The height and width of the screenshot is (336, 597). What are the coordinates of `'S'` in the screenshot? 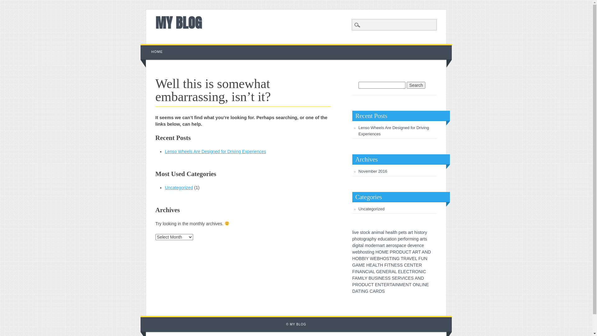 It's located at (383, 291).